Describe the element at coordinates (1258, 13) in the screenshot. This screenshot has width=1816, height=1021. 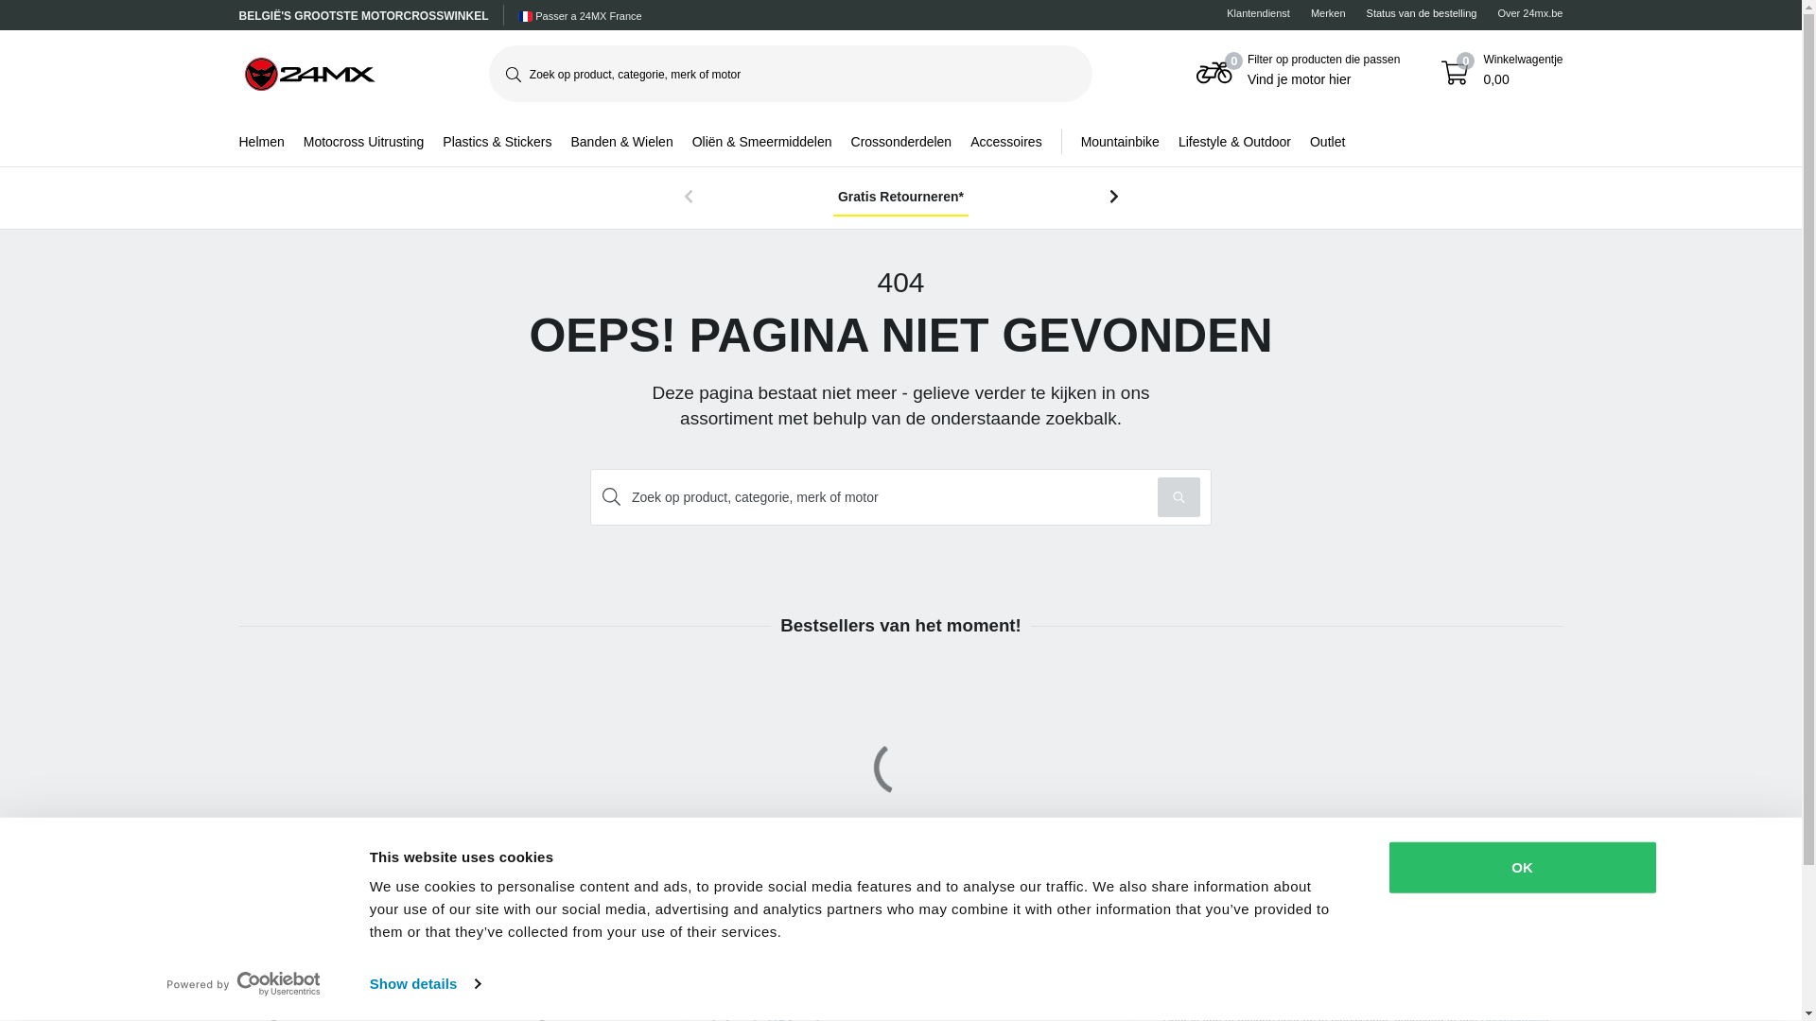
I see `'Klantendienst'` at that location.